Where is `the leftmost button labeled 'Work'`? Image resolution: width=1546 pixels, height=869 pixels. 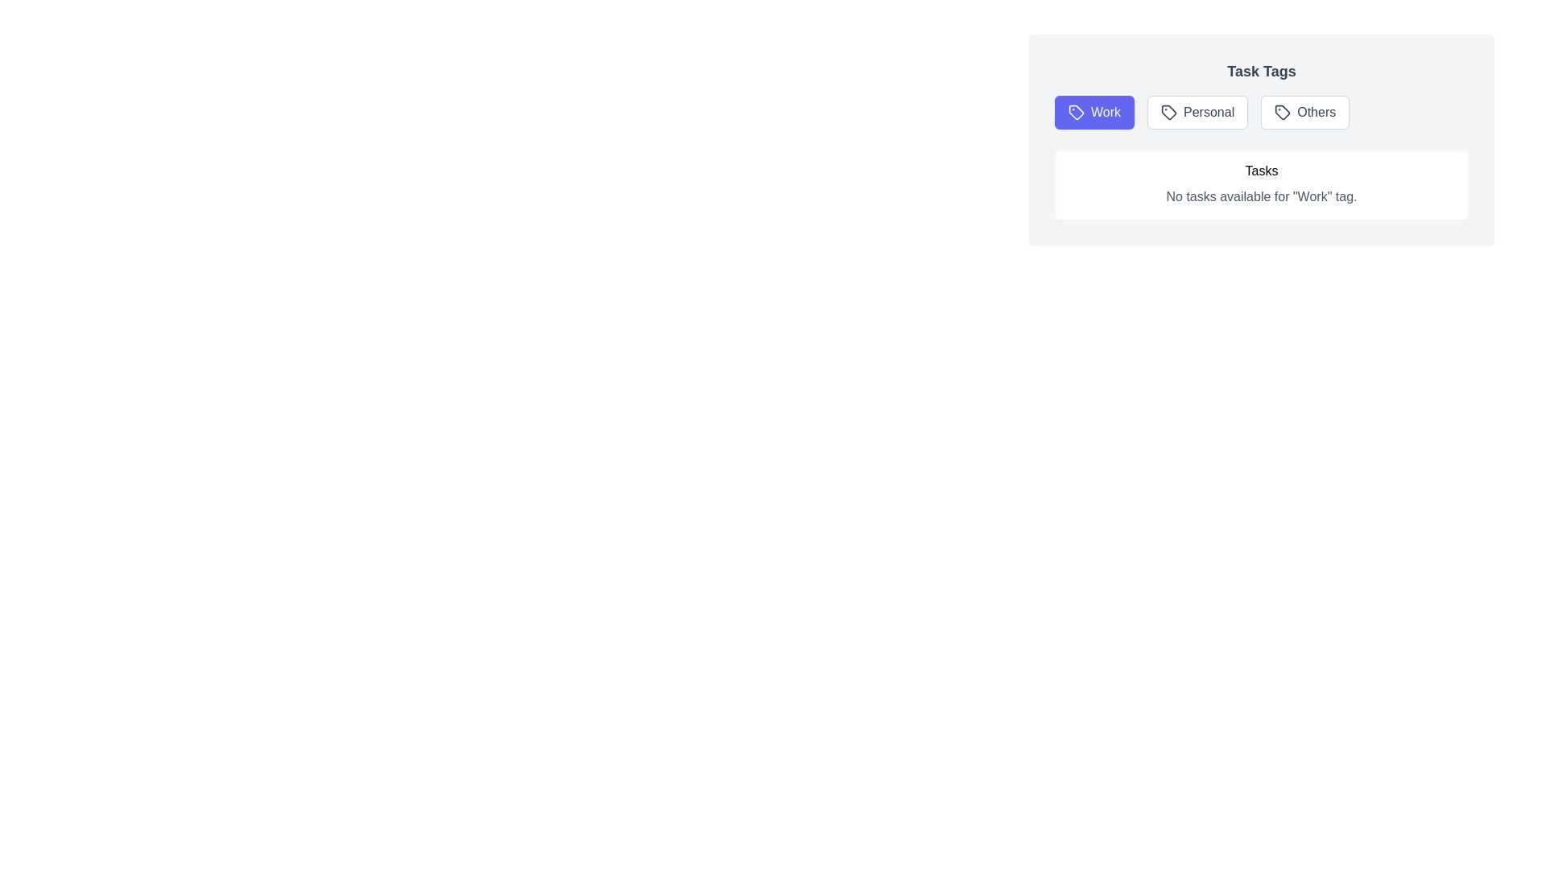
the leftmost button labeled 'Work' is located at coordinates (1094, 111).